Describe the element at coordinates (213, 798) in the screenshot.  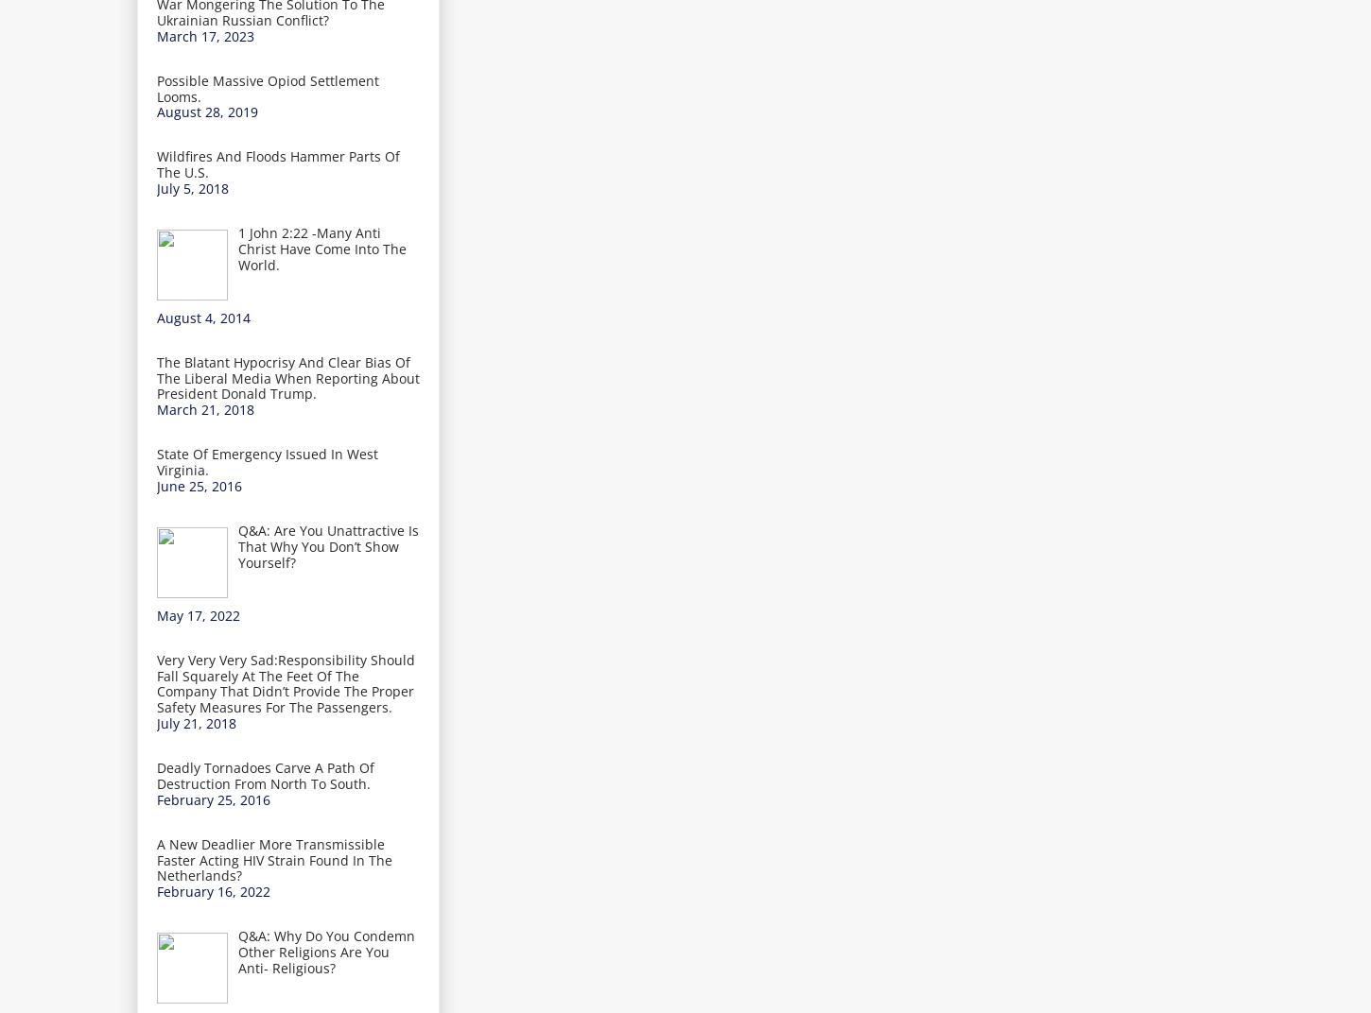
I see `'February 25, 2016'` at that location.